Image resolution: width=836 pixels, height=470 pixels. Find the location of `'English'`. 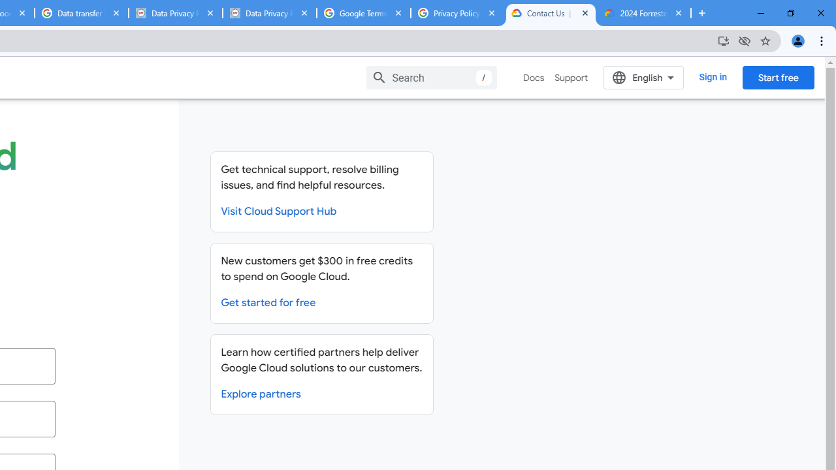

'English' is located at coordinates (643, 77).